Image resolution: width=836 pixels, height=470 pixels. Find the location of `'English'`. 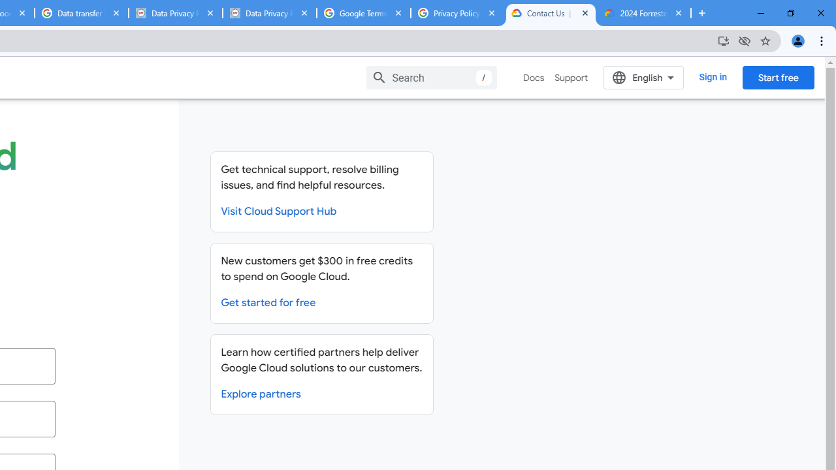

'English' is located at coordinates (643, 77).